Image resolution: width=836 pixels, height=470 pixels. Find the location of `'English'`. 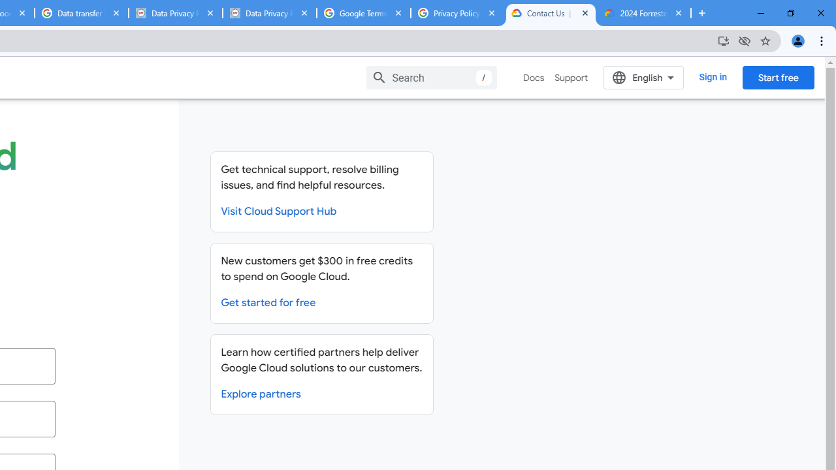

'English' is located at coordinates (643, 77).